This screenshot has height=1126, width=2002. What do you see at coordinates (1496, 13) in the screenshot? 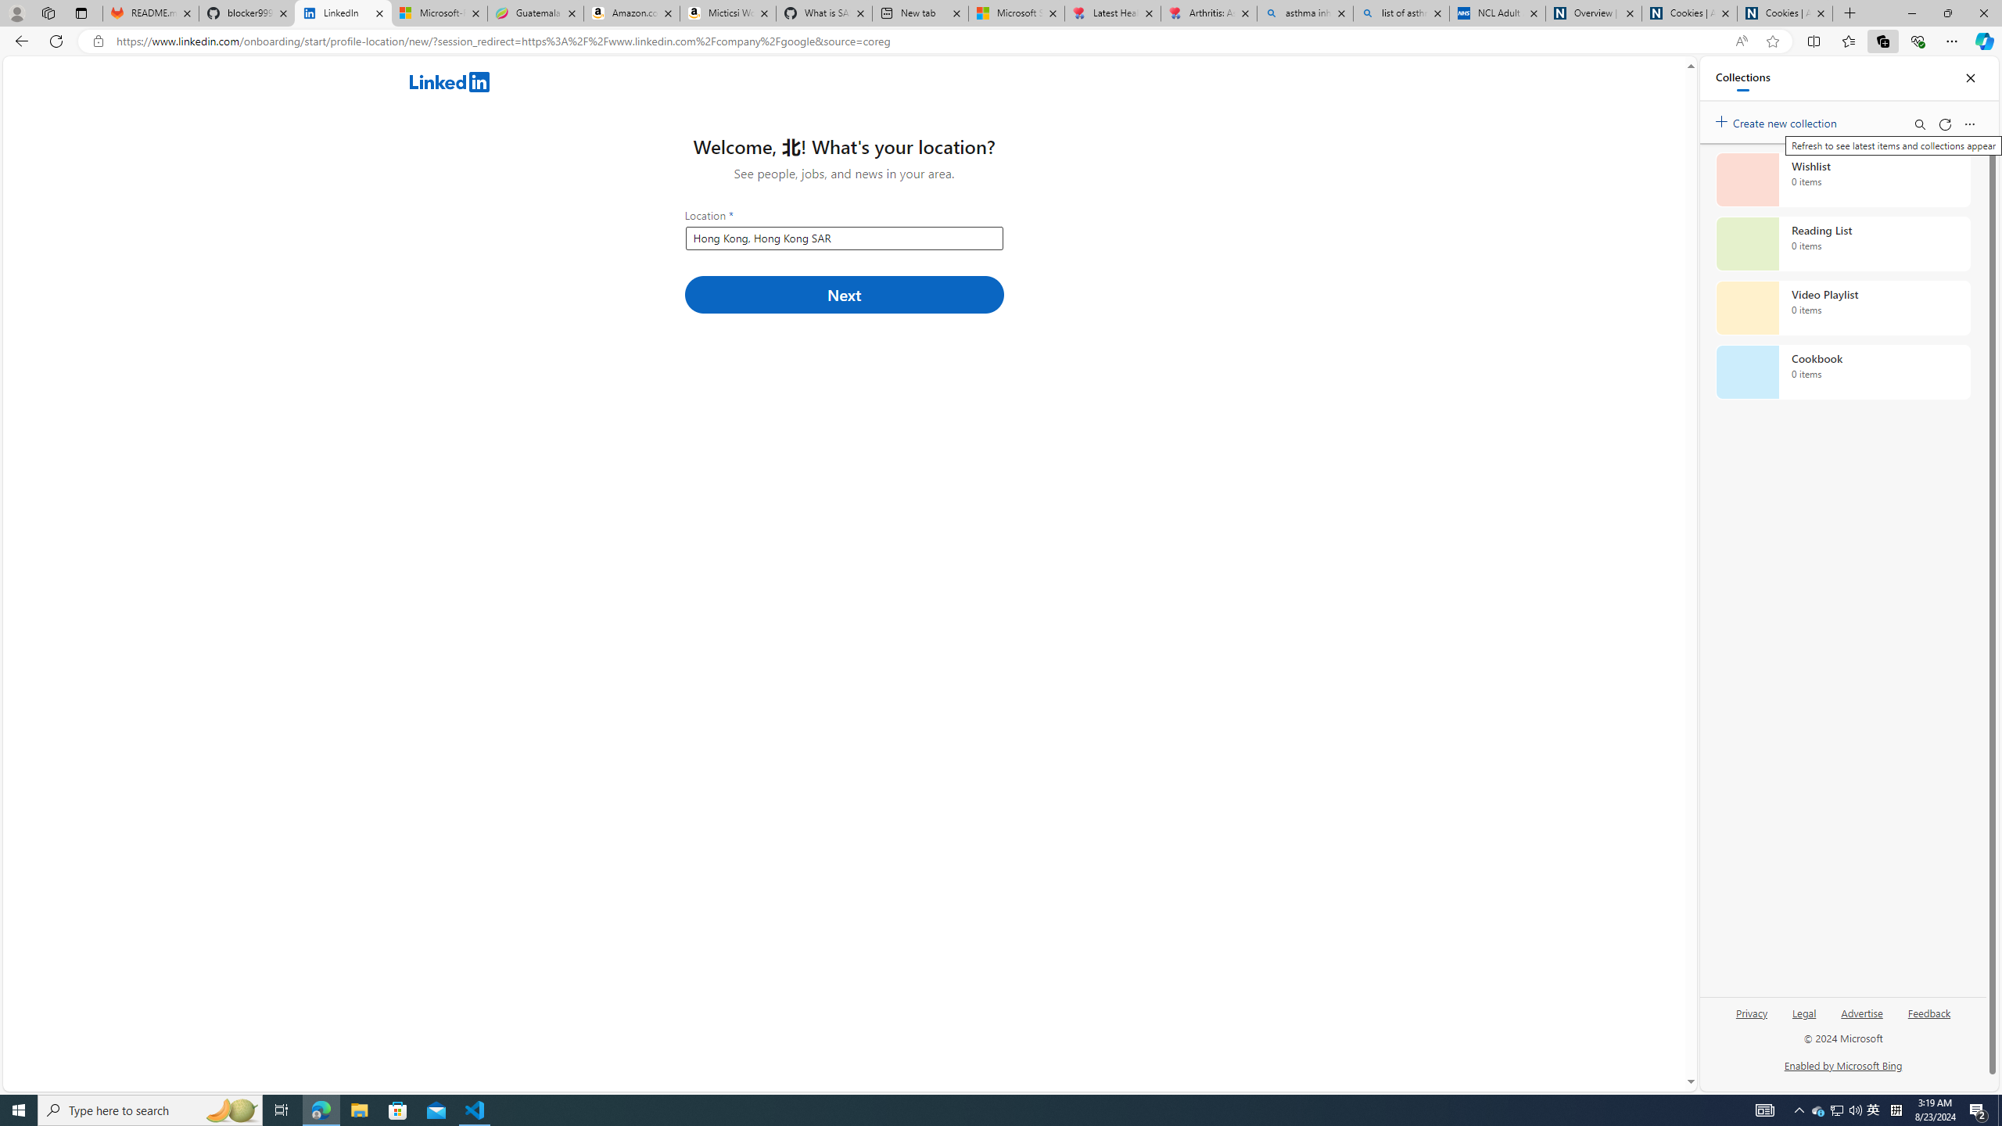
I see `'NCL Adult Asthma Inhaler Choice Guideline'` at bounding box center [1496, 13].